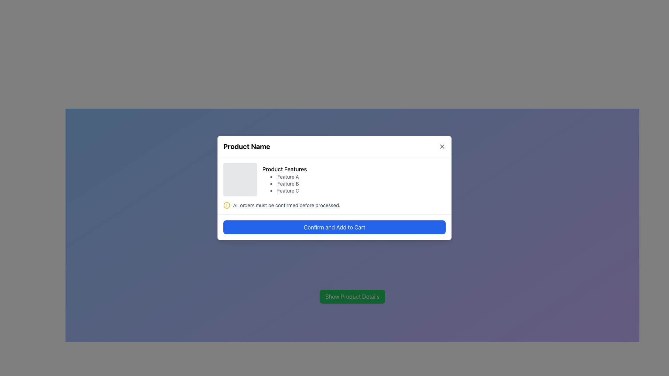 Image resolution: width=669 pixels, height=376 pixels. I want to click on the Information display module titled 'Product Features' that contains a bullet list of features and a gray square visual placeholder, so click(334, 179).